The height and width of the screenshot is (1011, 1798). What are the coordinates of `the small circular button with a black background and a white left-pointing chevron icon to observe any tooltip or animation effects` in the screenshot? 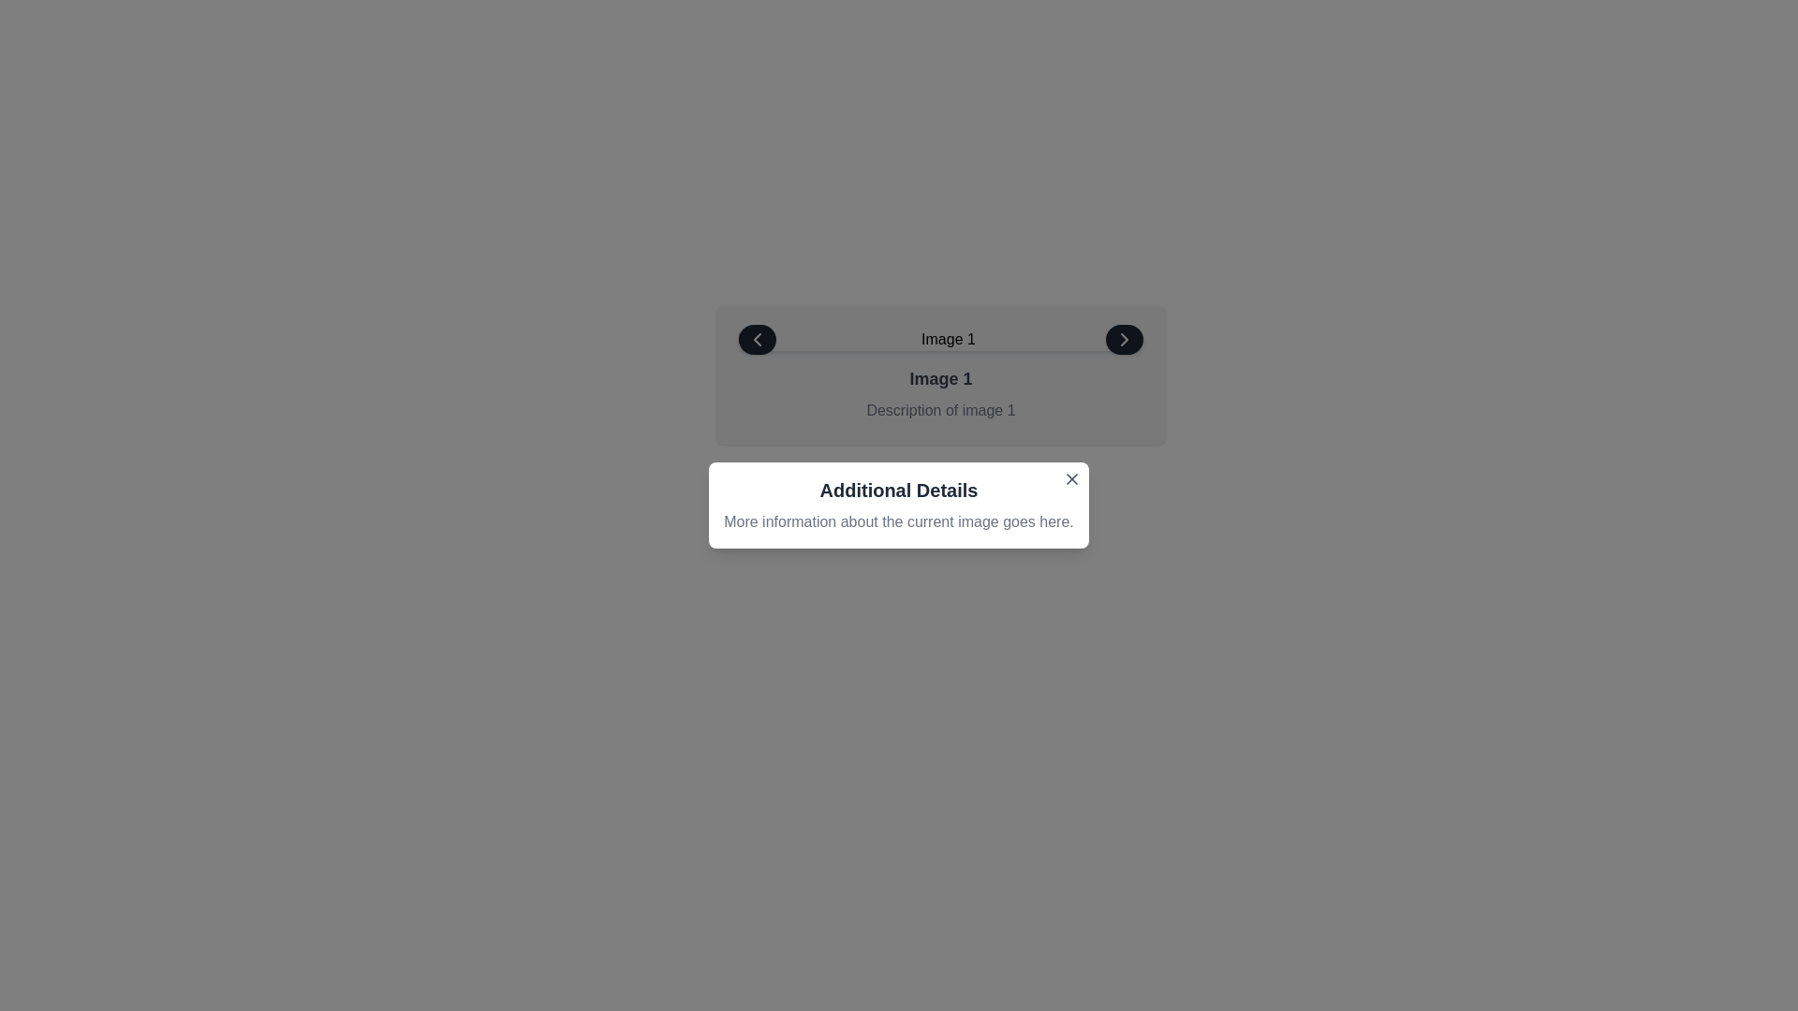 It's located at (758, 339).